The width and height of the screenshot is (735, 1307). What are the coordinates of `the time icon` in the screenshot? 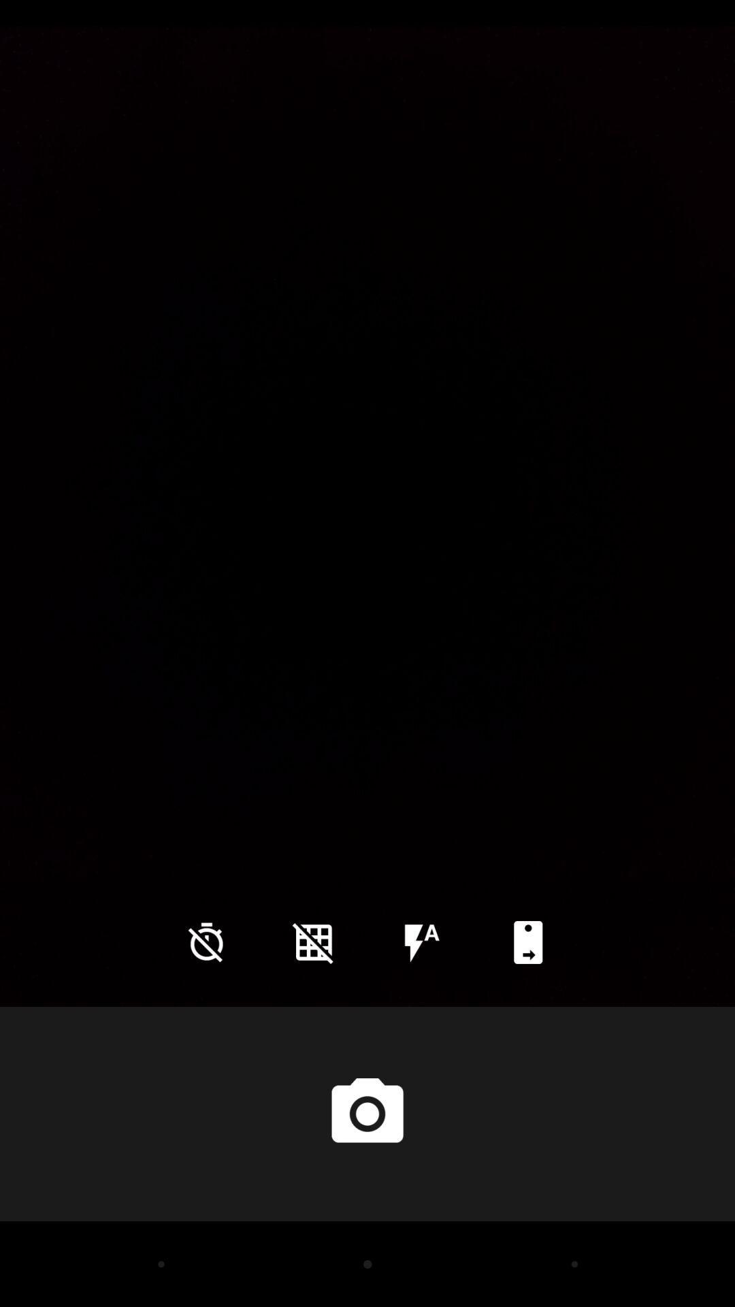 It's located at (206, 941).